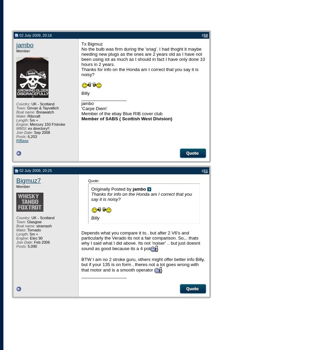  What do you see at coordinates (35, 35) in the screenshot?
I see `'02 July 2009, 20:16'` at bounding box center [35, 35].